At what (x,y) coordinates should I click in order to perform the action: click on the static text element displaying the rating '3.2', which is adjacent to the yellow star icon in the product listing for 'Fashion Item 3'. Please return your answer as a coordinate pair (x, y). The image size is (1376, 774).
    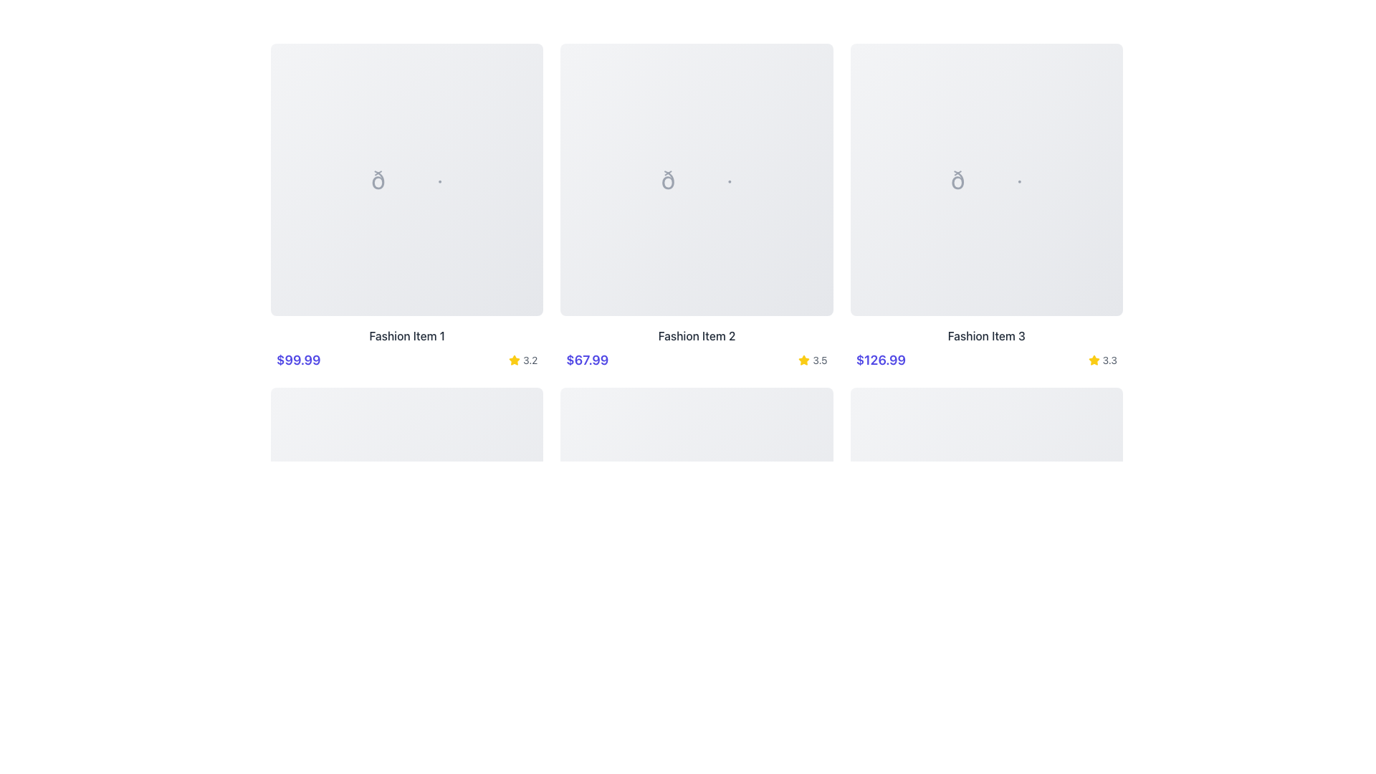
    Looking at the image, I should click on (530, 360).